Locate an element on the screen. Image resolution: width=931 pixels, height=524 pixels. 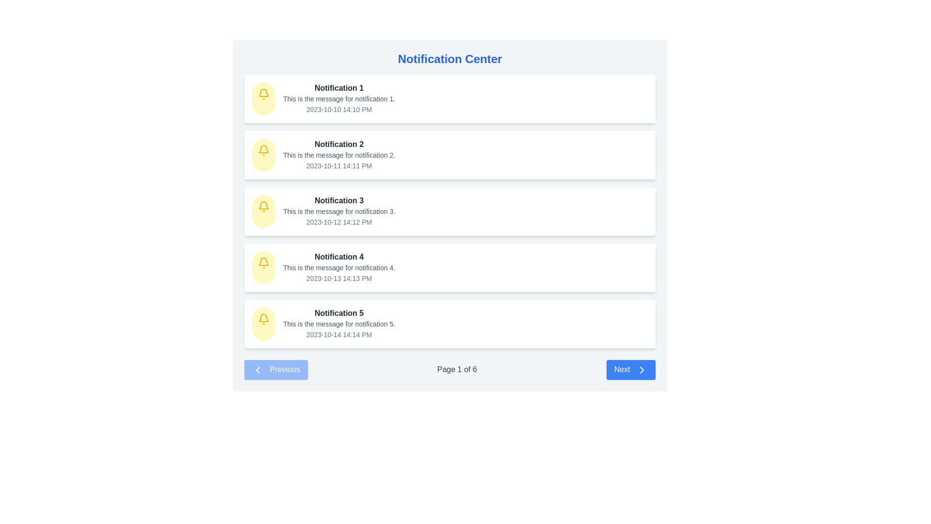
the timestamp text label located below the message 'This is the message for notification 3.' in the lower-right section of the third notification card is located at coordinates (339, 222).